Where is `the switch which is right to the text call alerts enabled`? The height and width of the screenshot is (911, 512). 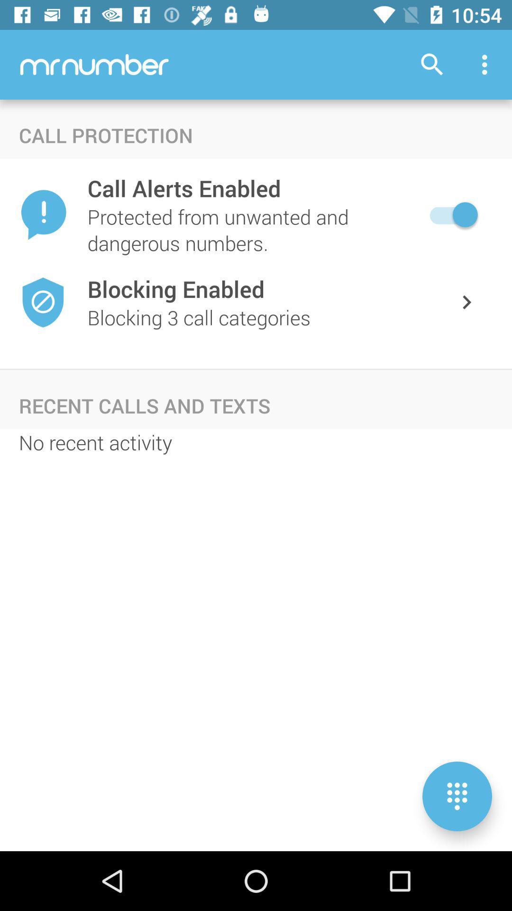 the switch which is right to the text call alerts enabled is located at coordinates (451, 214).